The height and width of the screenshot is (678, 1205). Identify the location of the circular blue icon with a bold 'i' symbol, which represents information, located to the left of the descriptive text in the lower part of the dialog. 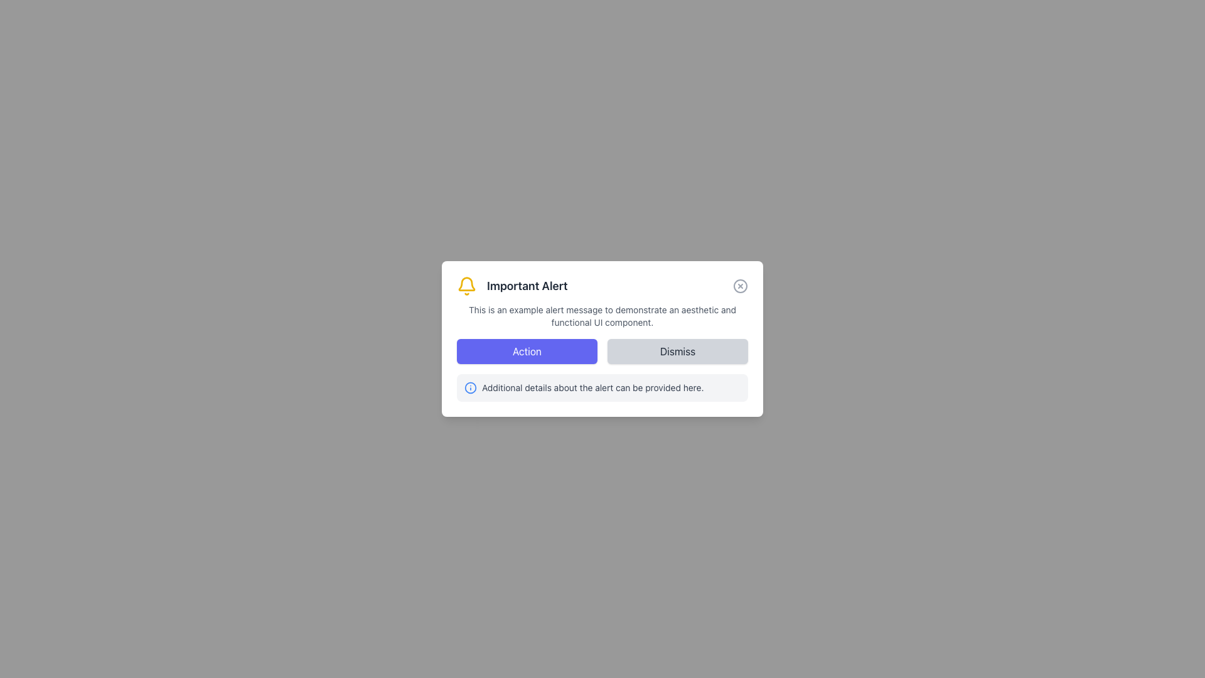
(469, 387).